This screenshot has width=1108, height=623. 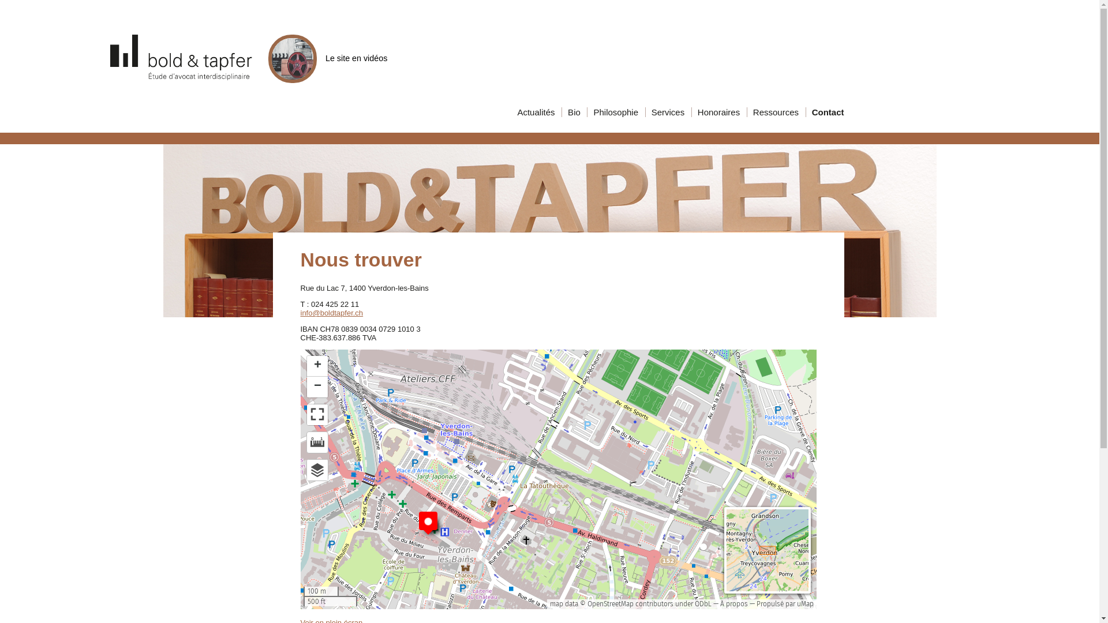 I want to click on 'Services', so click(x=667, y=112).